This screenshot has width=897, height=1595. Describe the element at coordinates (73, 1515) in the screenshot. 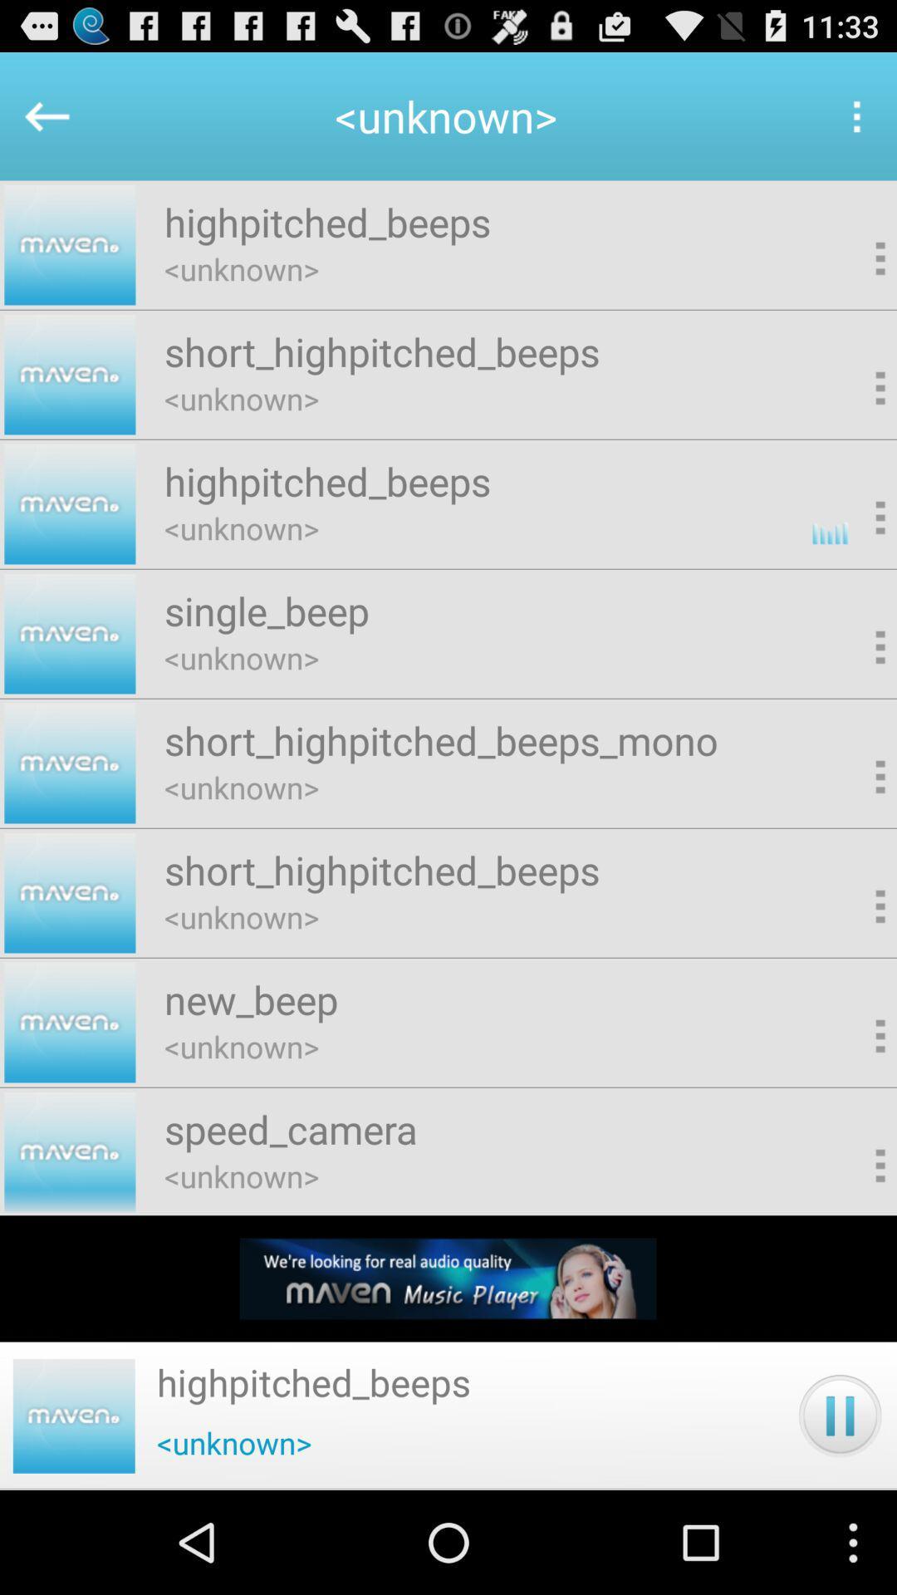

I see `the more icon` at that location.